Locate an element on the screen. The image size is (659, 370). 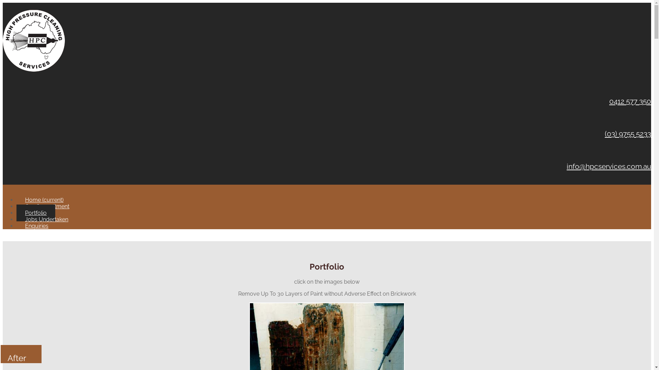
'(03) 9755 5233' is located at coordinates (628, 134).